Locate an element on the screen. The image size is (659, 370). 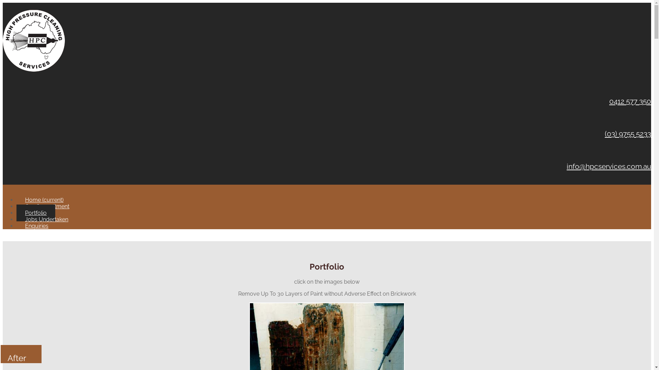
'(03) 9755 5233' is located at coordinates (628, 134).